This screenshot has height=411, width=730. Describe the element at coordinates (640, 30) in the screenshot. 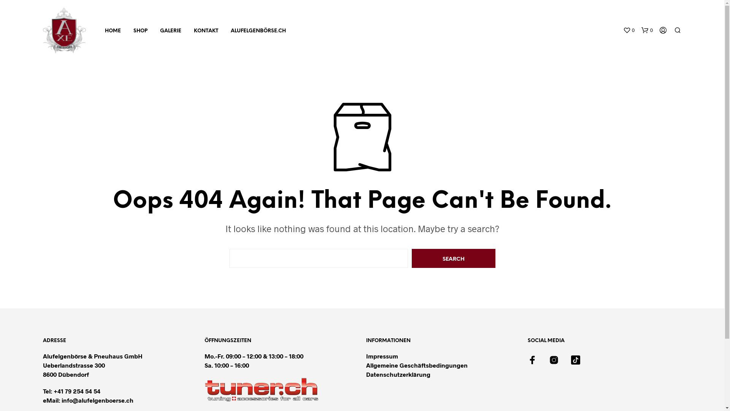

I see `'0'` at that location.